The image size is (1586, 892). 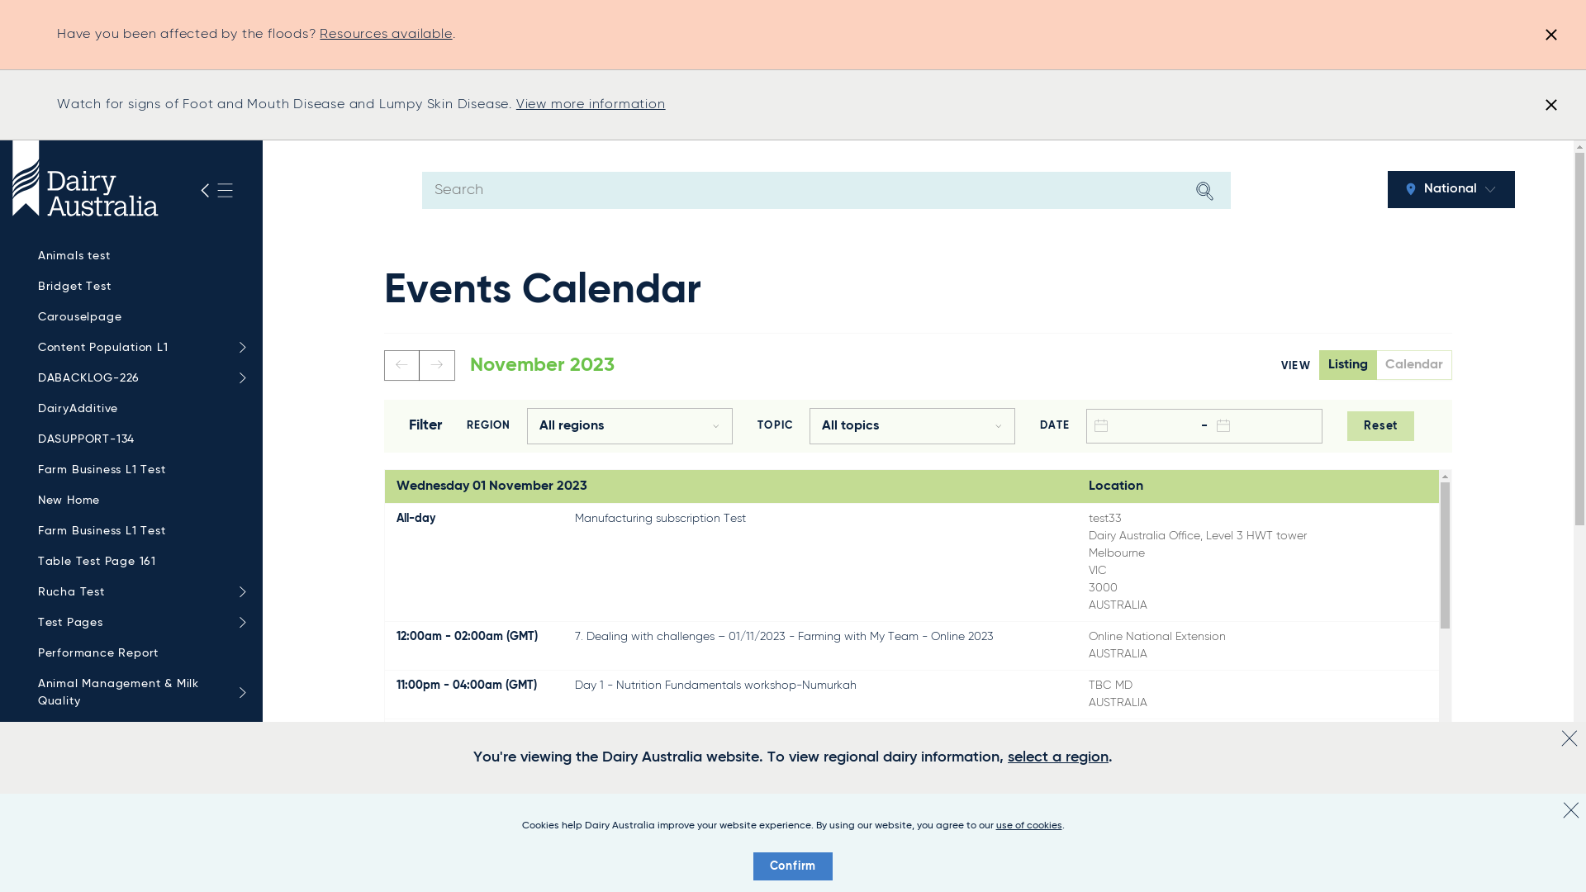 What do you see at coordinates (138, 317) in the screenshot?
I see `'Carouselpage'` at bounding box center [138, 317].